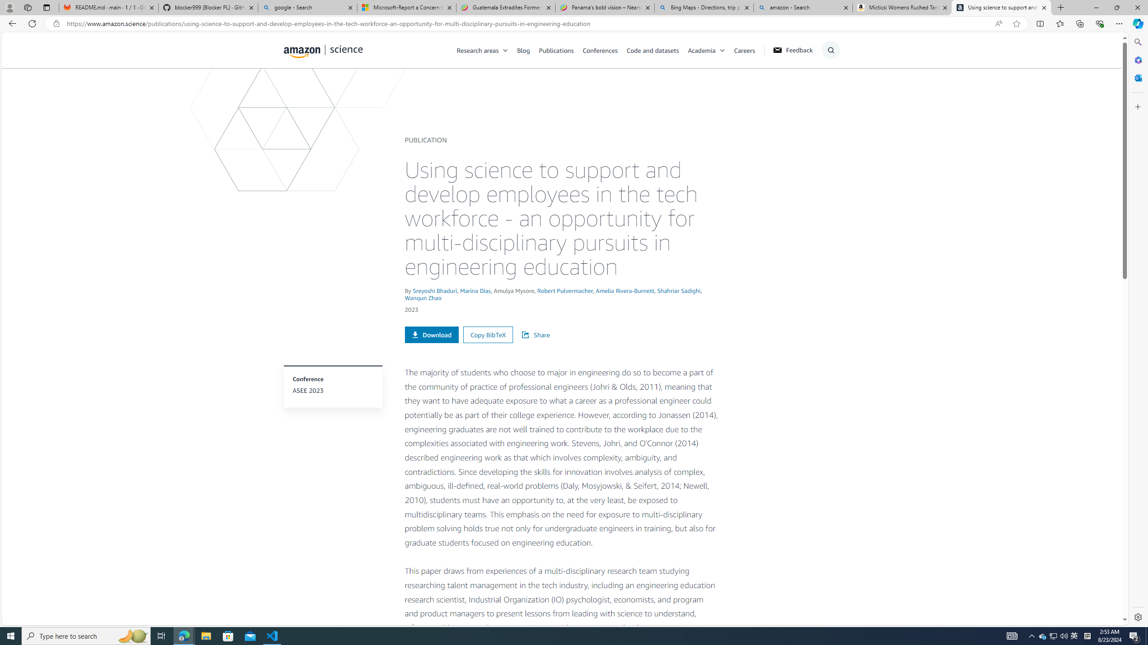 This screenshot has width=1148, height=645. Describe the element at coordinates (422, 297) in the screenshot. I see `'Wanqun Zhao'` at that location.